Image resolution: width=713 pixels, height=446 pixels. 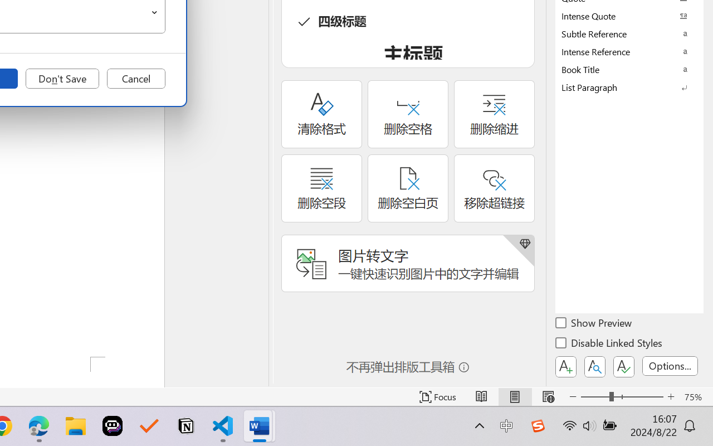 What do you see at coordinates (594, 324) in the screenshot?
I see `'Show Preview'` at bounding box center [594, 324].